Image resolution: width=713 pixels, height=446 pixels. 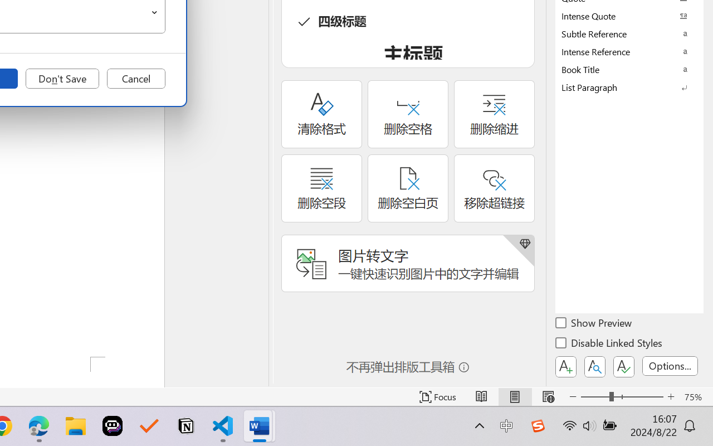 What do you see at coordinates (594, 324) in the screenshot?
I see `'Show Preview'` at bounding box center [594, 324].